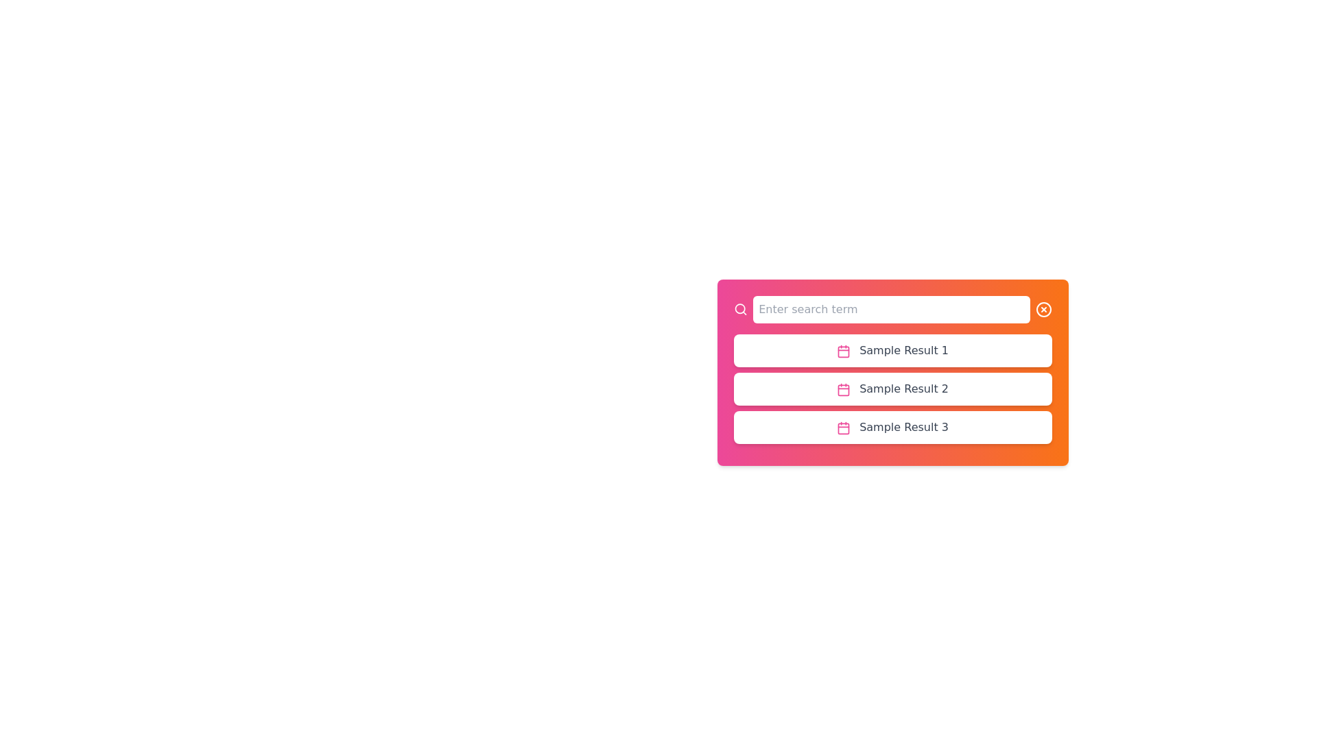  I want to click on the magnifying glass icon, which serves as the search functionality indicator, positioned to the left of the search text input field, so click(739, 309).